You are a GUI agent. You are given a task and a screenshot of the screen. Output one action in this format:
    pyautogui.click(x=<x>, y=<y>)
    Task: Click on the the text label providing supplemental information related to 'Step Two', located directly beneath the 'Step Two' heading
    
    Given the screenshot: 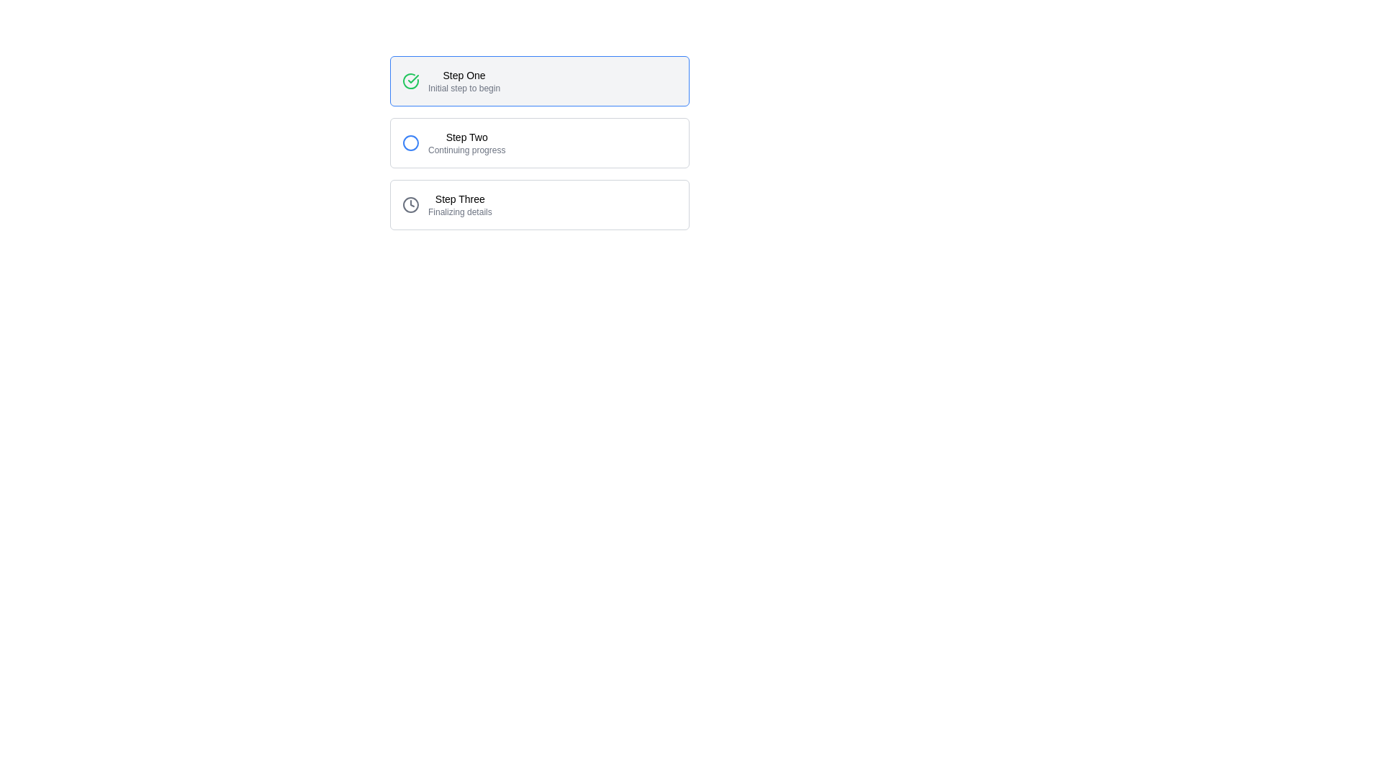 What is the action you would take?
    pyautogui.click(x=466, y=150)
    